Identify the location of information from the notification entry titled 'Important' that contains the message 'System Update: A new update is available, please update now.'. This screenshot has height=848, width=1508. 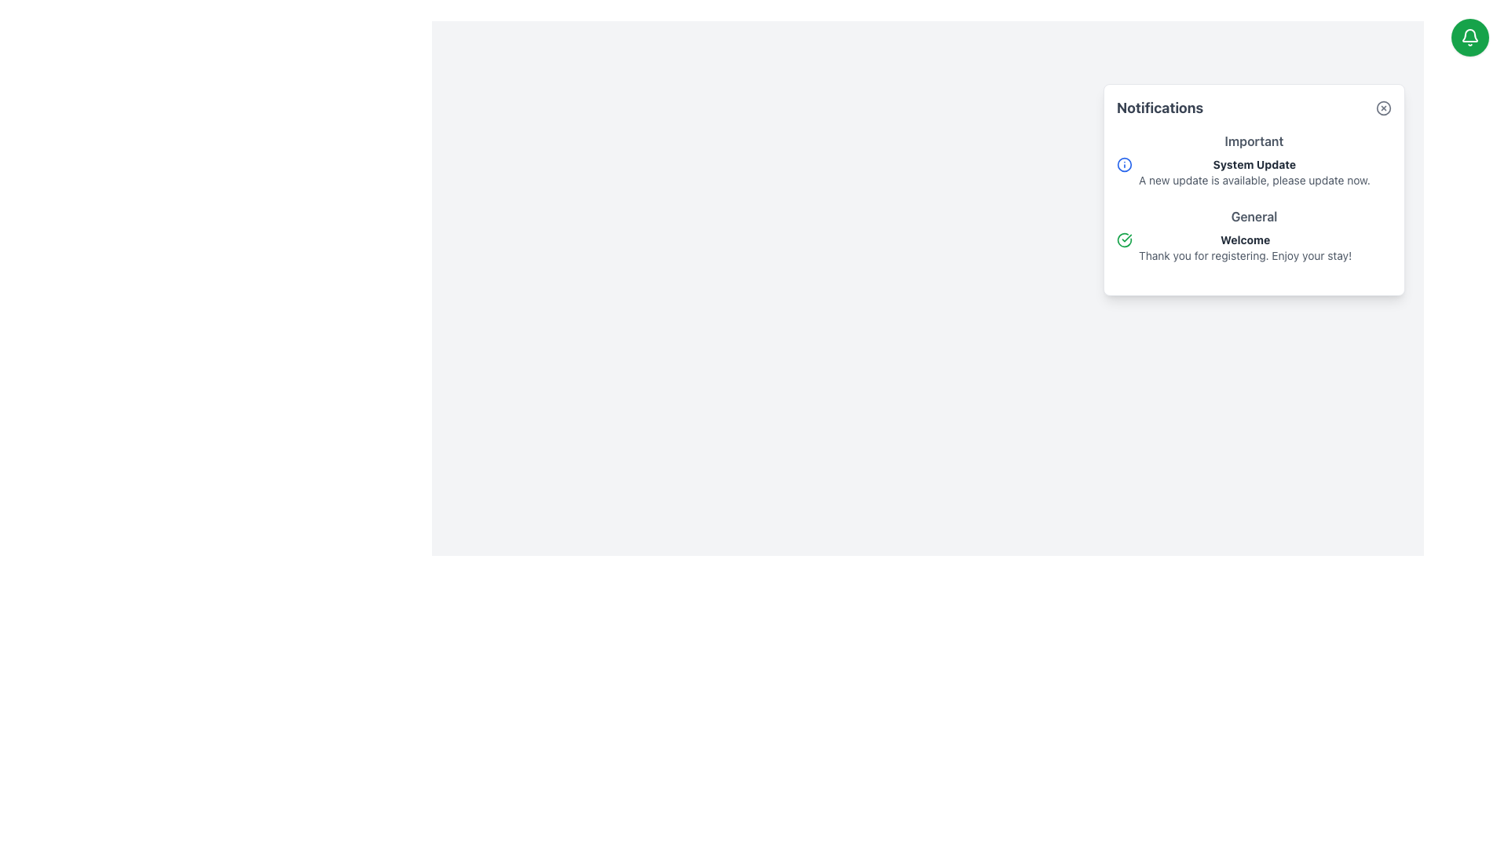
(1254, 163).